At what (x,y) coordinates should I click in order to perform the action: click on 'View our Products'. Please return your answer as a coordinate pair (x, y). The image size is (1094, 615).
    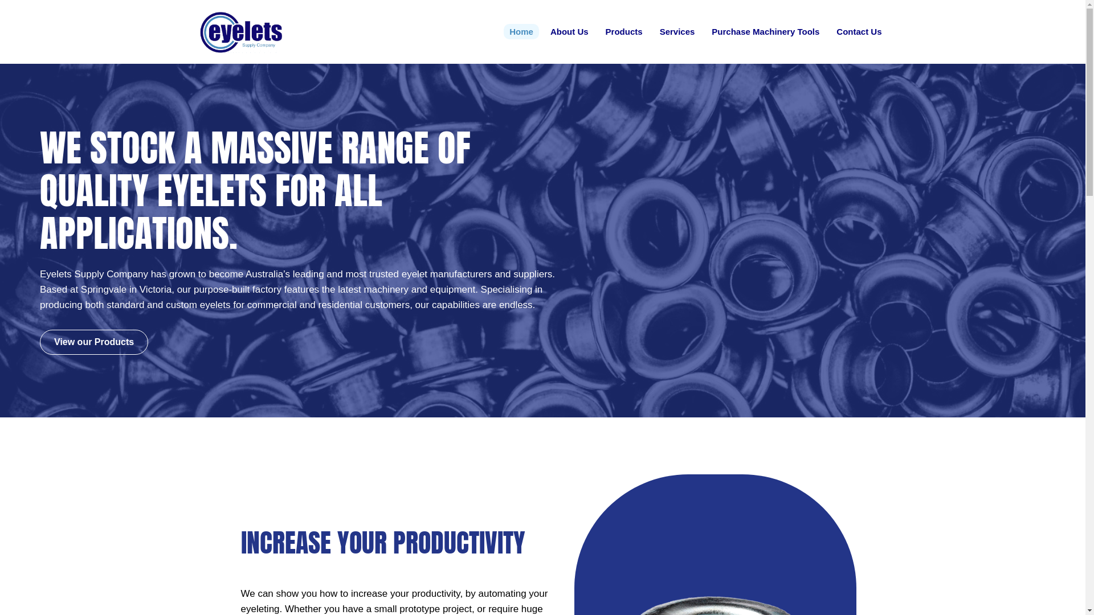
    Looking at the image, I should click on (93, 342).